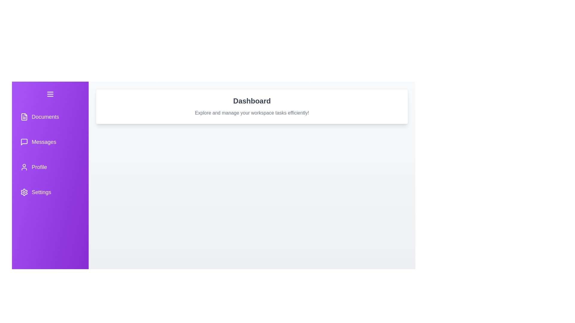  Describe the element at coordinates (50, 117) in the screenshot. I see `the navigation button for Documents` at that location.